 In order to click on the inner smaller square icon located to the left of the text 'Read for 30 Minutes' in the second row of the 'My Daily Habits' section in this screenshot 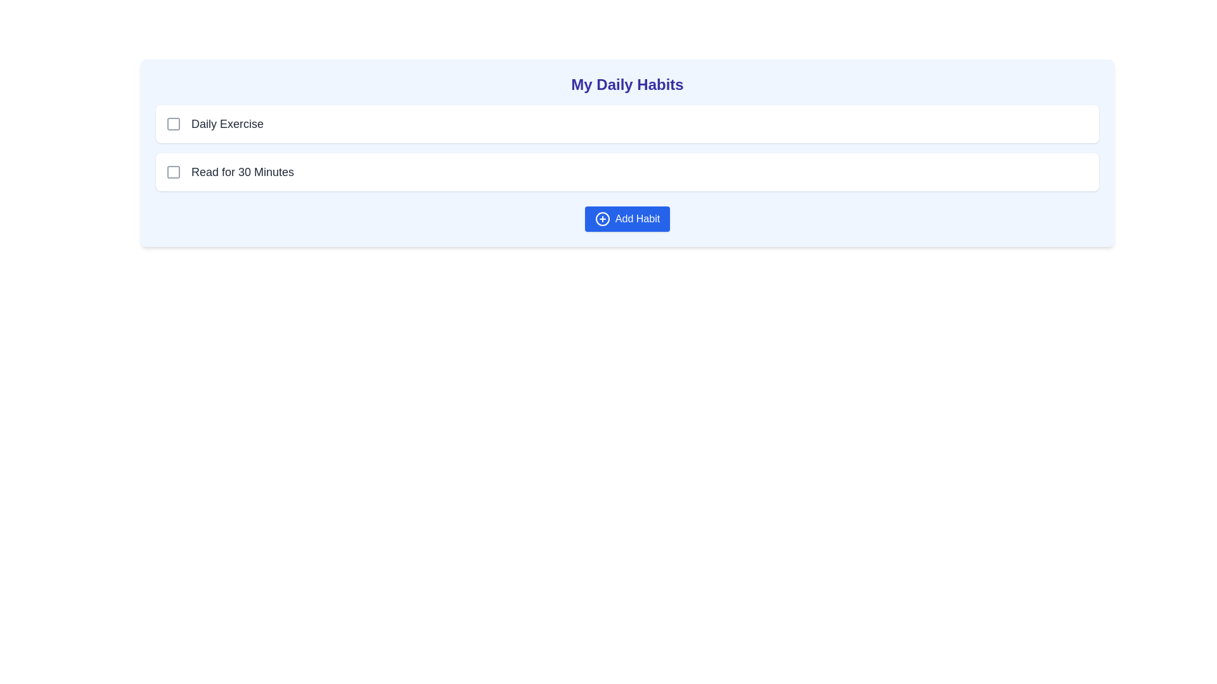, I will do `click(172, 172)`.